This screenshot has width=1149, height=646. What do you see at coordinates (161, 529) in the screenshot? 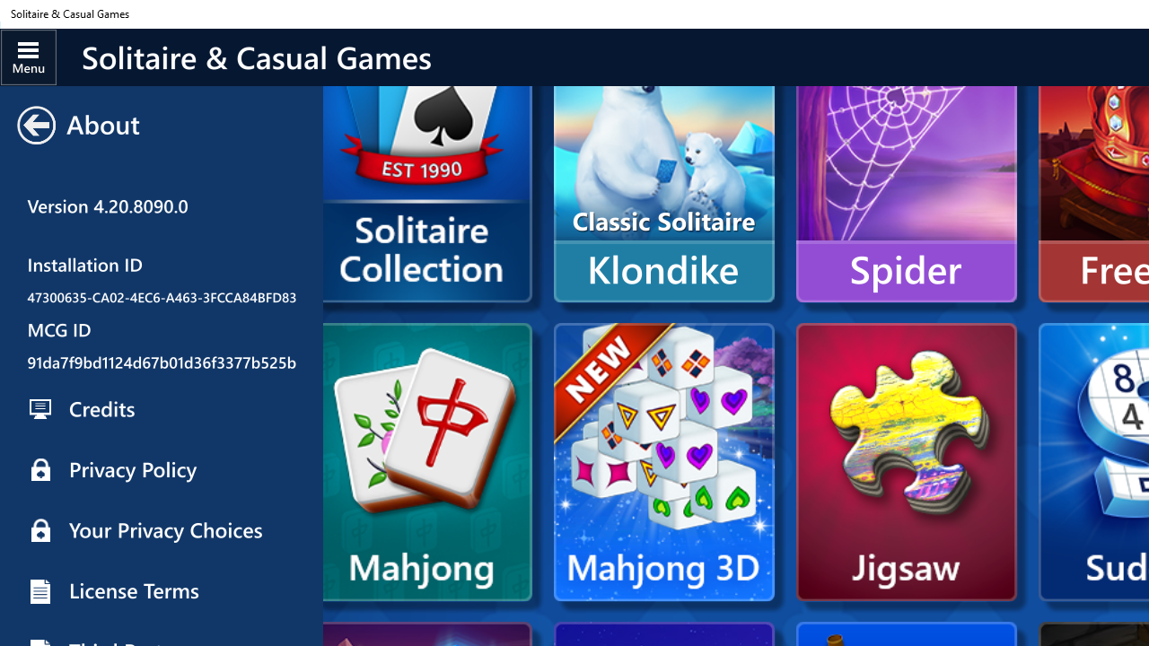
I see `'Your Privacy Choices'` at bounding box center [161, 529].